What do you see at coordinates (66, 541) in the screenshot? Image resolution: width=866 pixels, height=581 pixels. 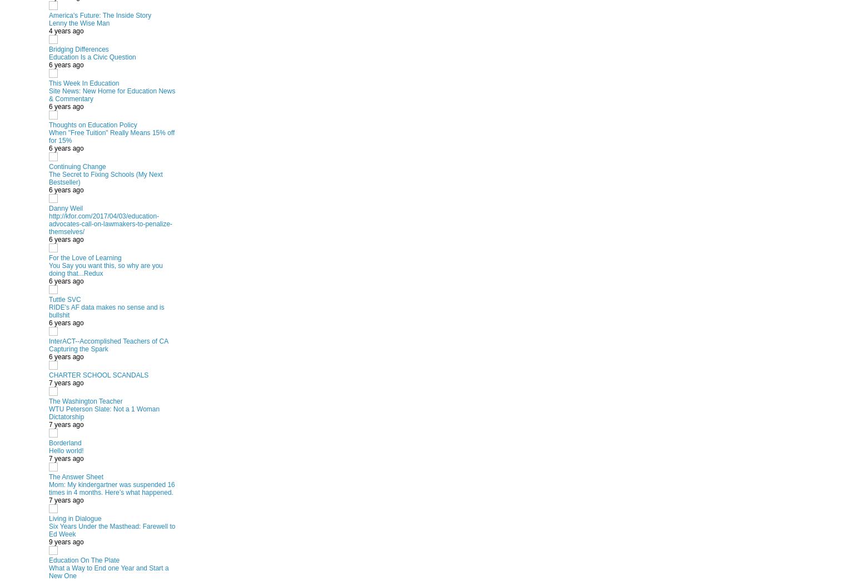 I see `'9 years ago'` at bounding box center [66, 541].